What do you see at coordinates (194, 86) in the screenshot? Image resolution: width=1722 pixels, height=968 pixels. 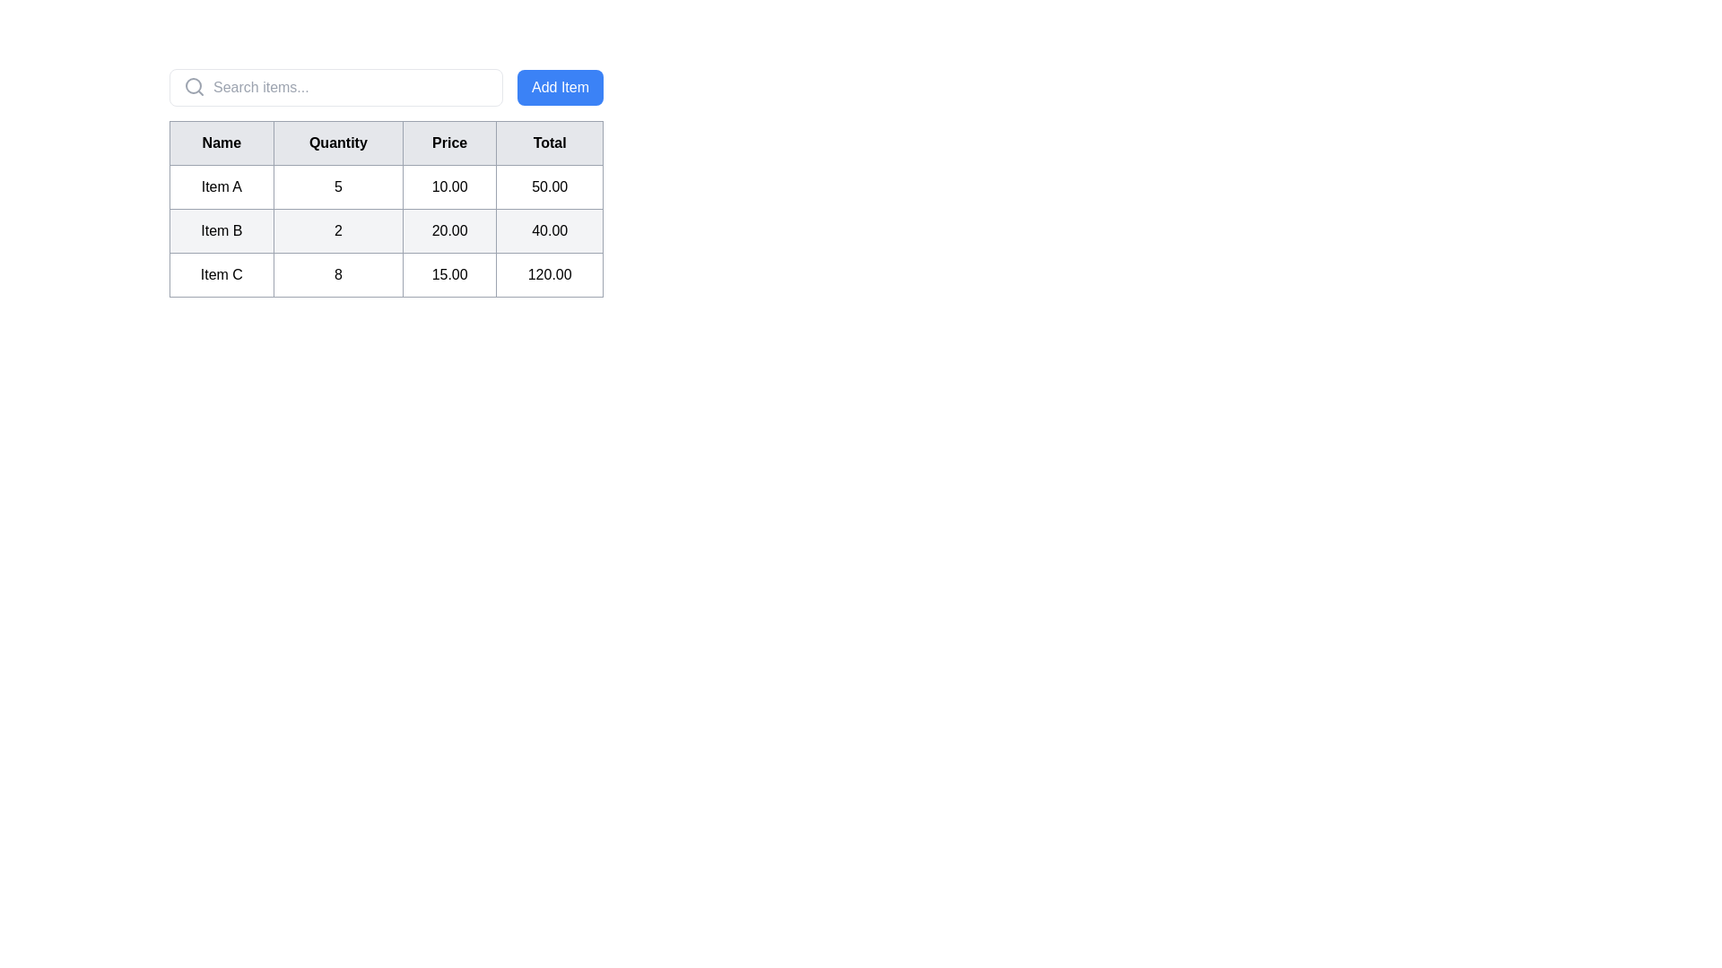 I see `the magnifying glass icon, which is styled in gray and located at the far left inside the search input field` at bounding box center [194, 86].